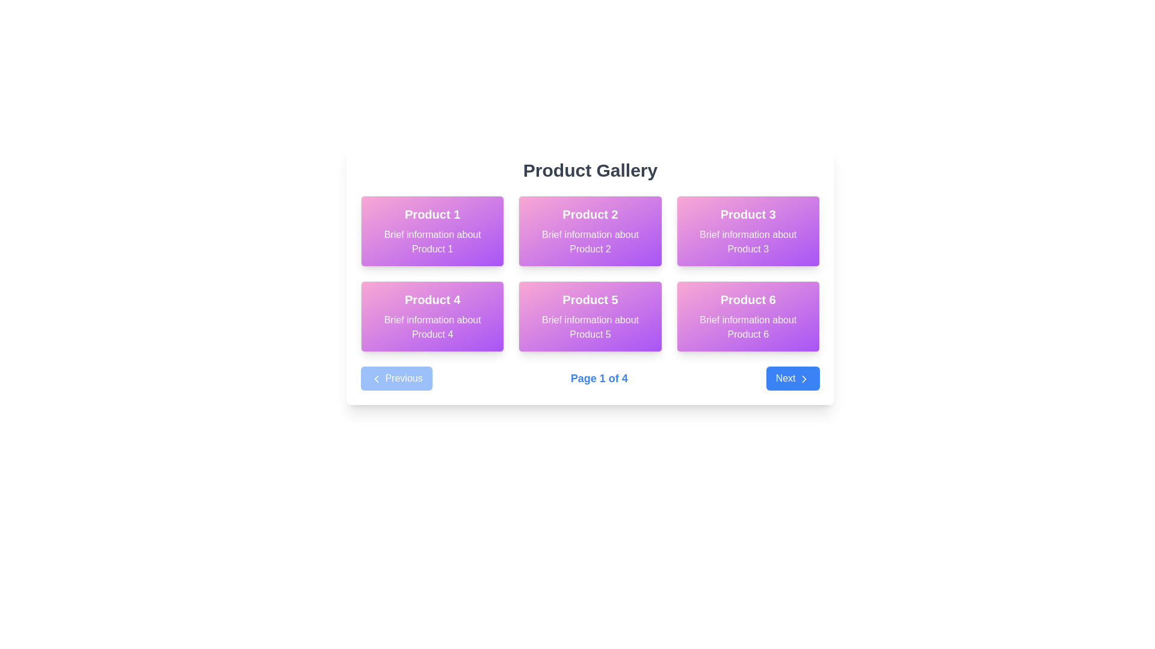 This screenshot has height=649, width=1155. I want to click on the right-pointing chevron-shaped icon located in the next button at the bottom-right corner of the interface, so click(804, 379).